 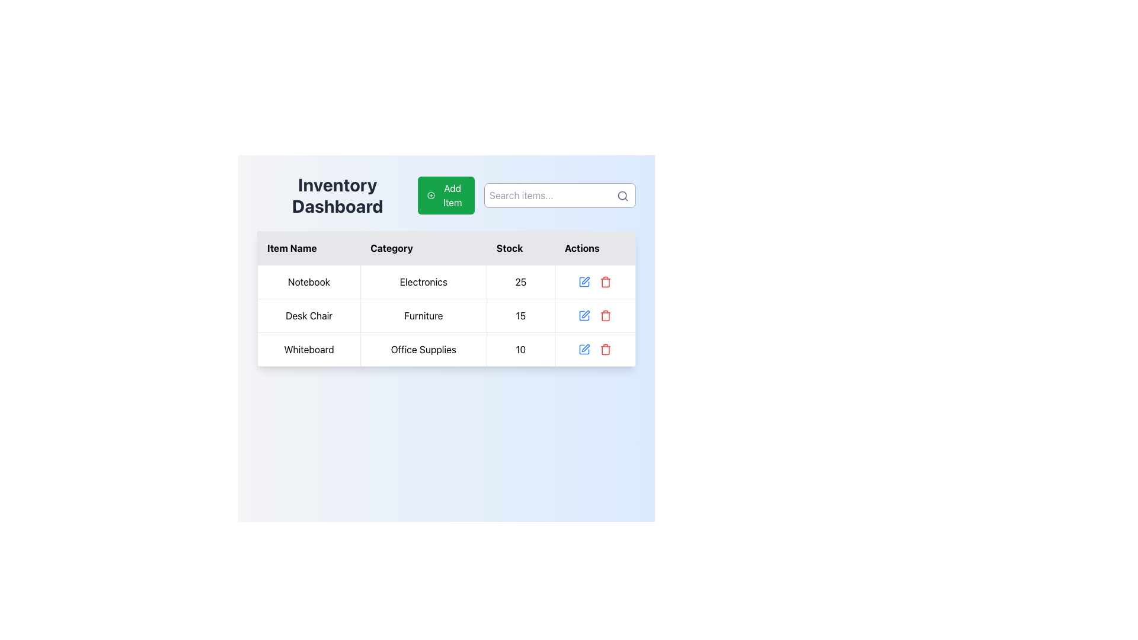 What do you see at coordinates (526, 195) in the screenshot?
I see `the search bar input field located in the top-right section of the interface to focus on it` at bounding box center [526, 195].